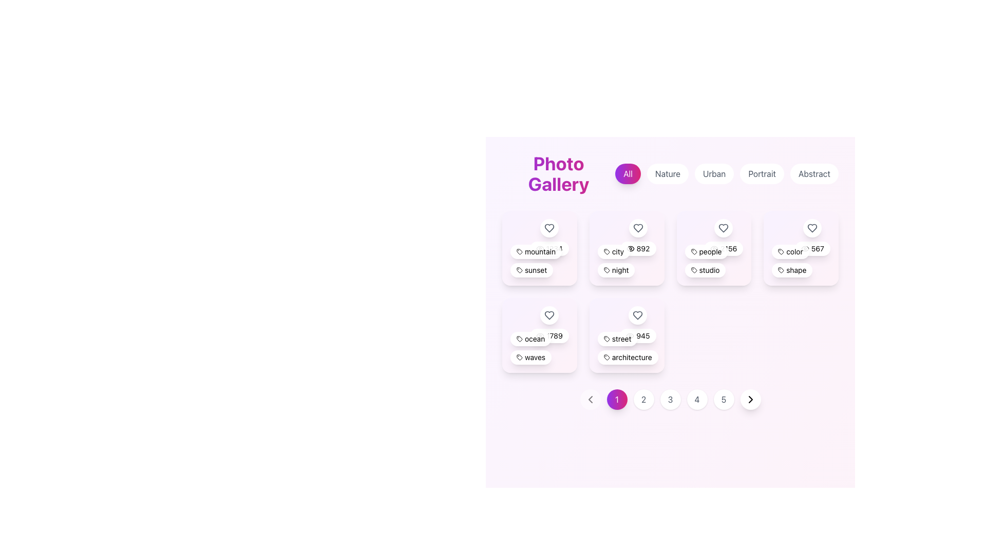  Describe the element at coordinates (813, 173) in the screenshot. I see `the filter button for 'Abstract' located to the right of the 'Portrait' button in the top center row of buttons` at that location.